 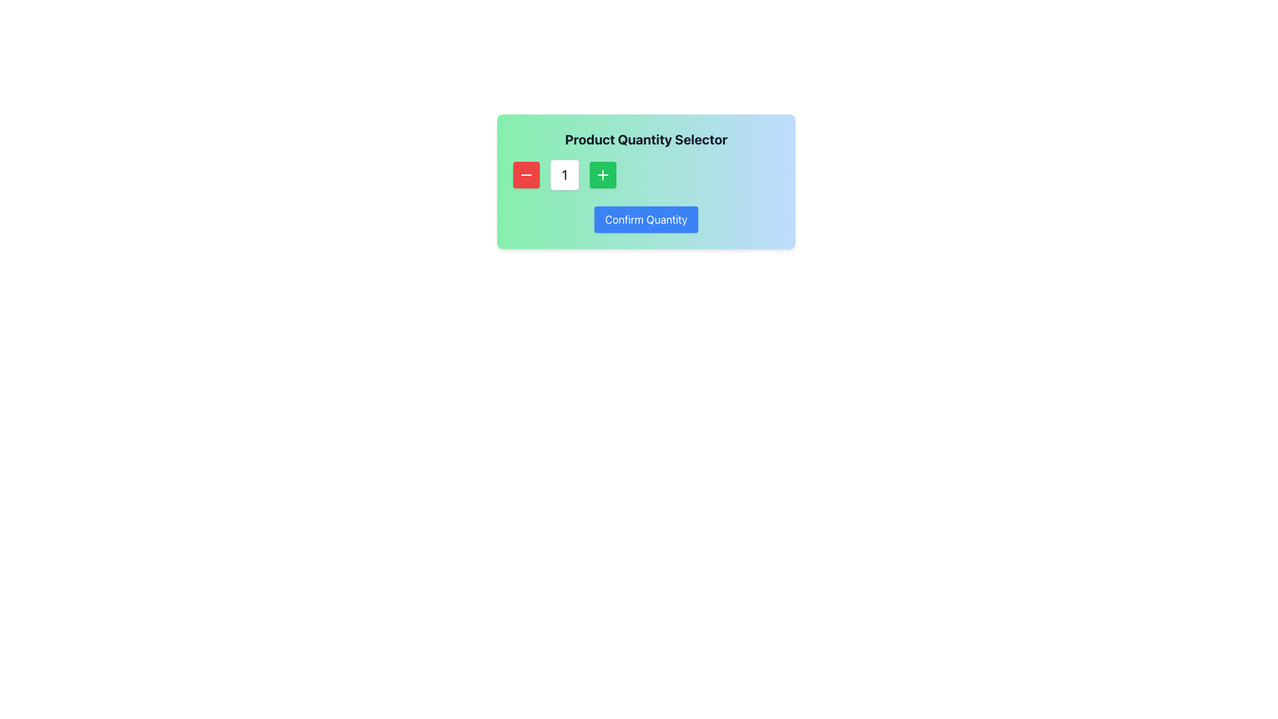 I want to click on the decrement button located to the left of the numeric input field in the product quantity selector interface to decrease the quantity, so click(x=526, y=174).